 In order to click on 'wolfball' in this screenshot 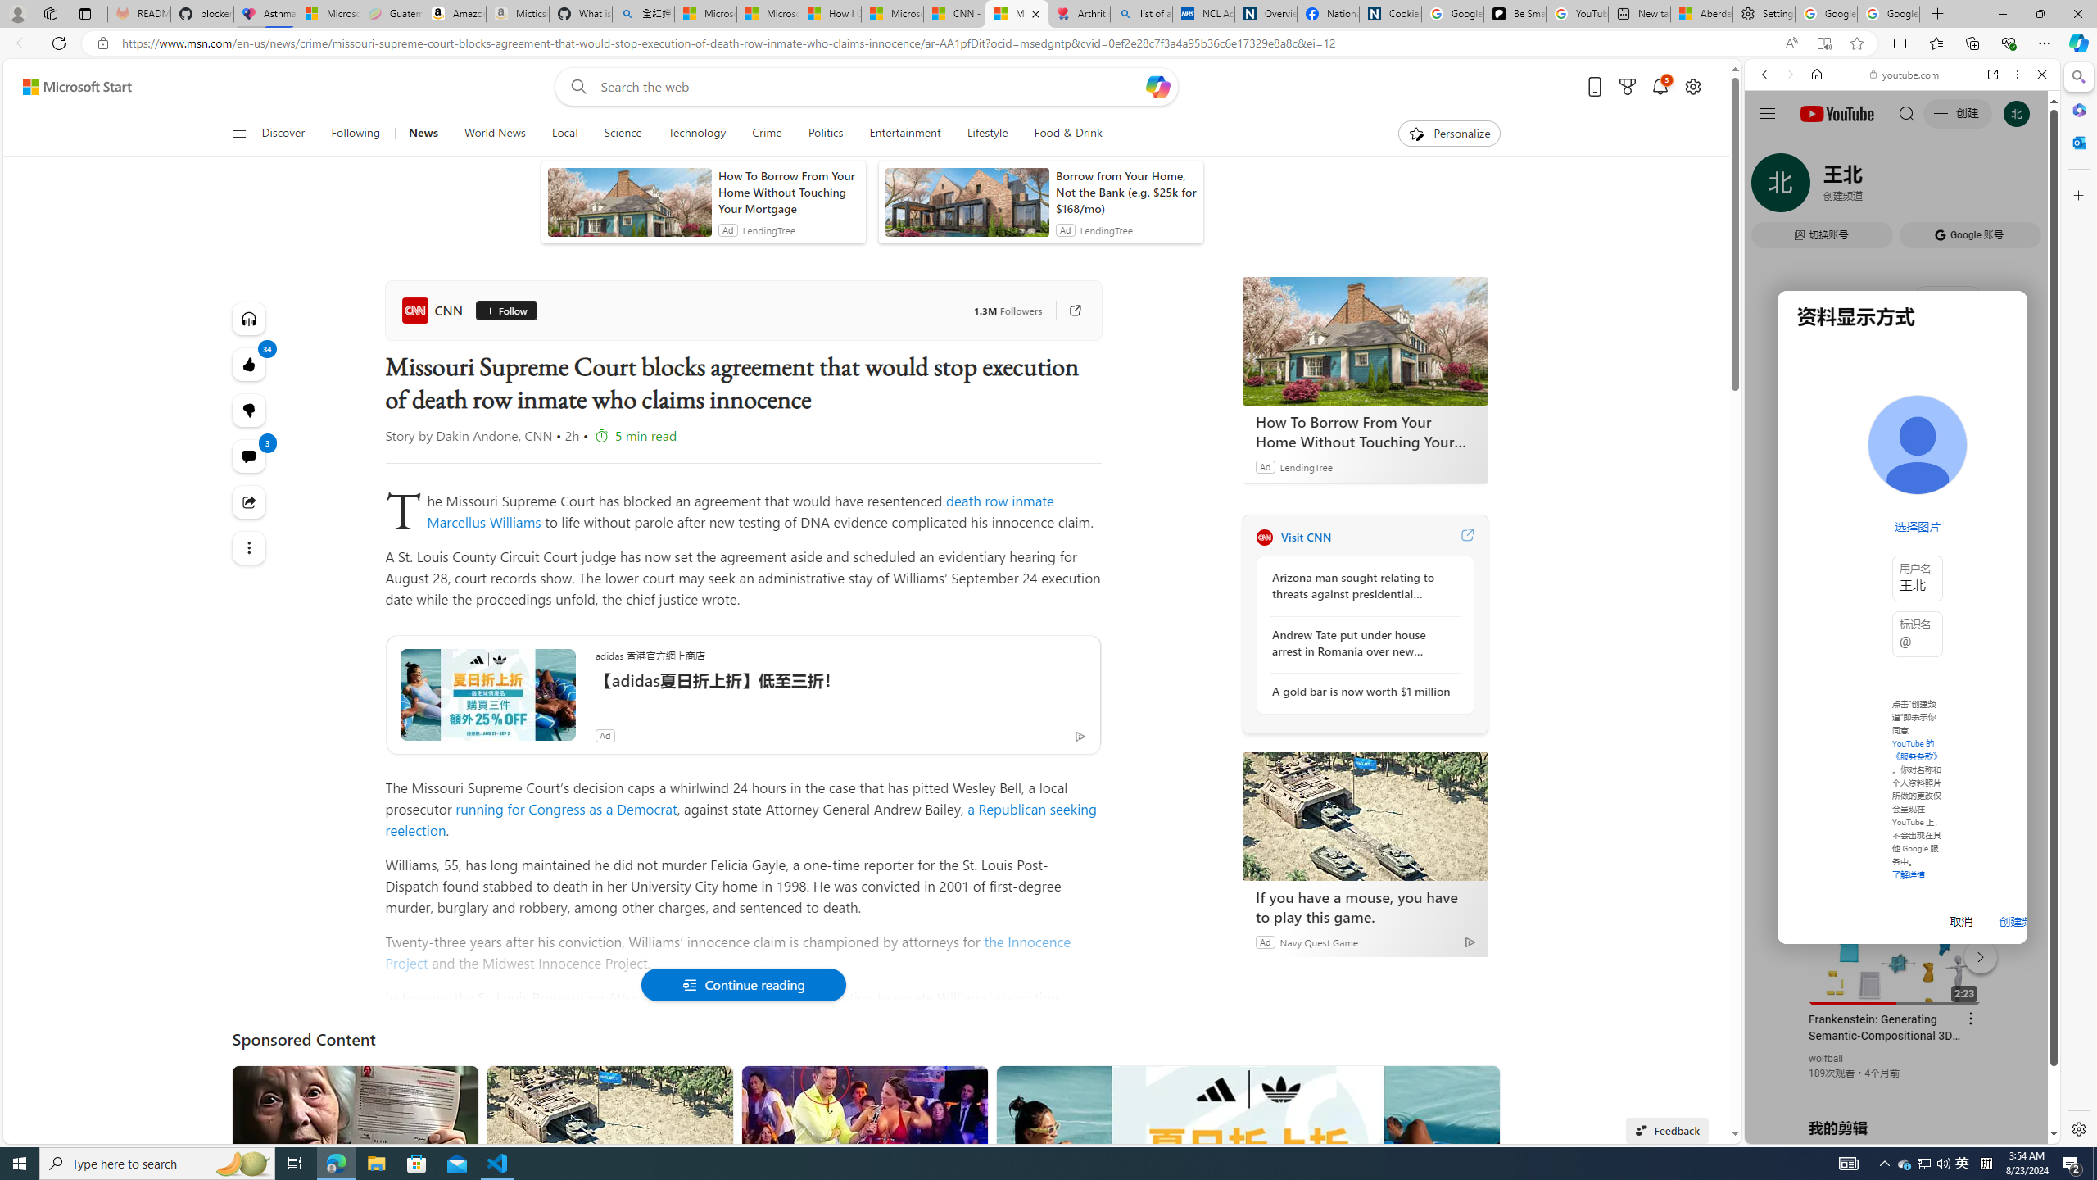, I will do `click(1826, 1057)`.